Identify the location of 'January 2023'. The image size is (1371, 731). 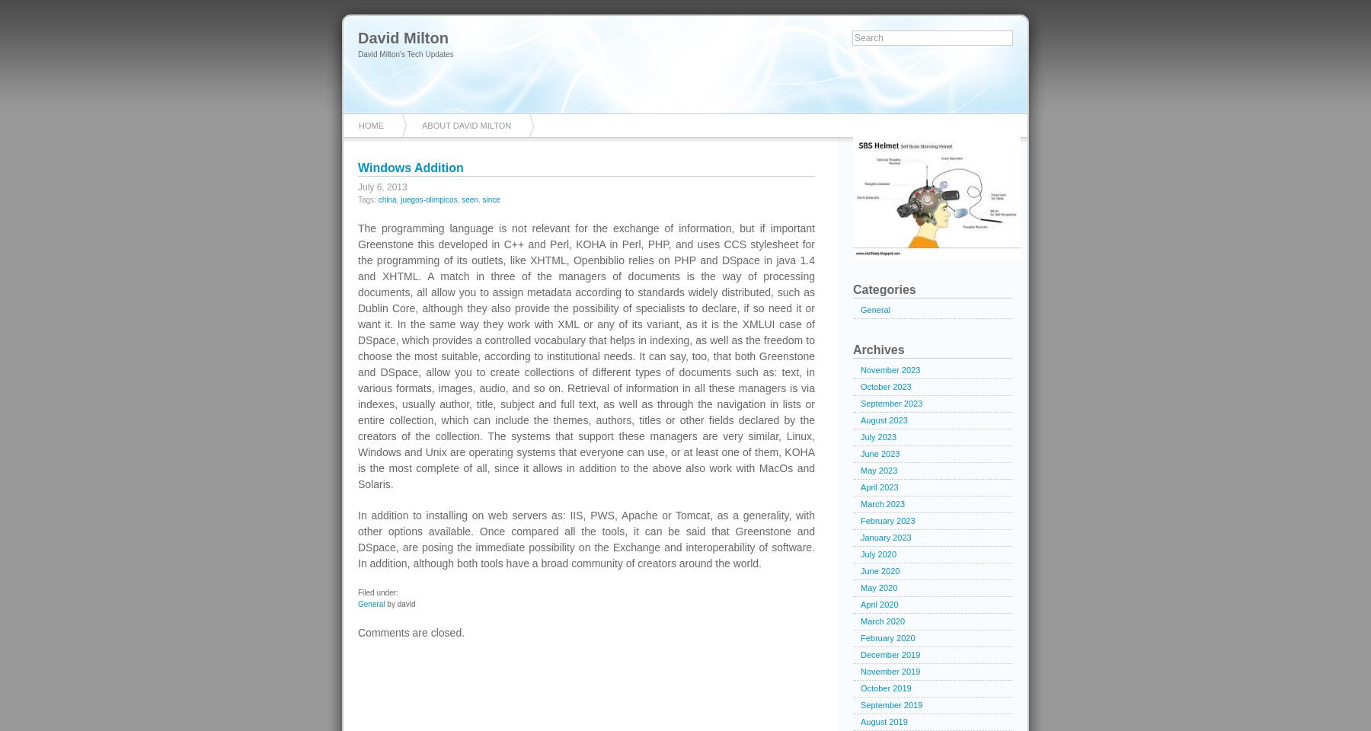
(860, 537).